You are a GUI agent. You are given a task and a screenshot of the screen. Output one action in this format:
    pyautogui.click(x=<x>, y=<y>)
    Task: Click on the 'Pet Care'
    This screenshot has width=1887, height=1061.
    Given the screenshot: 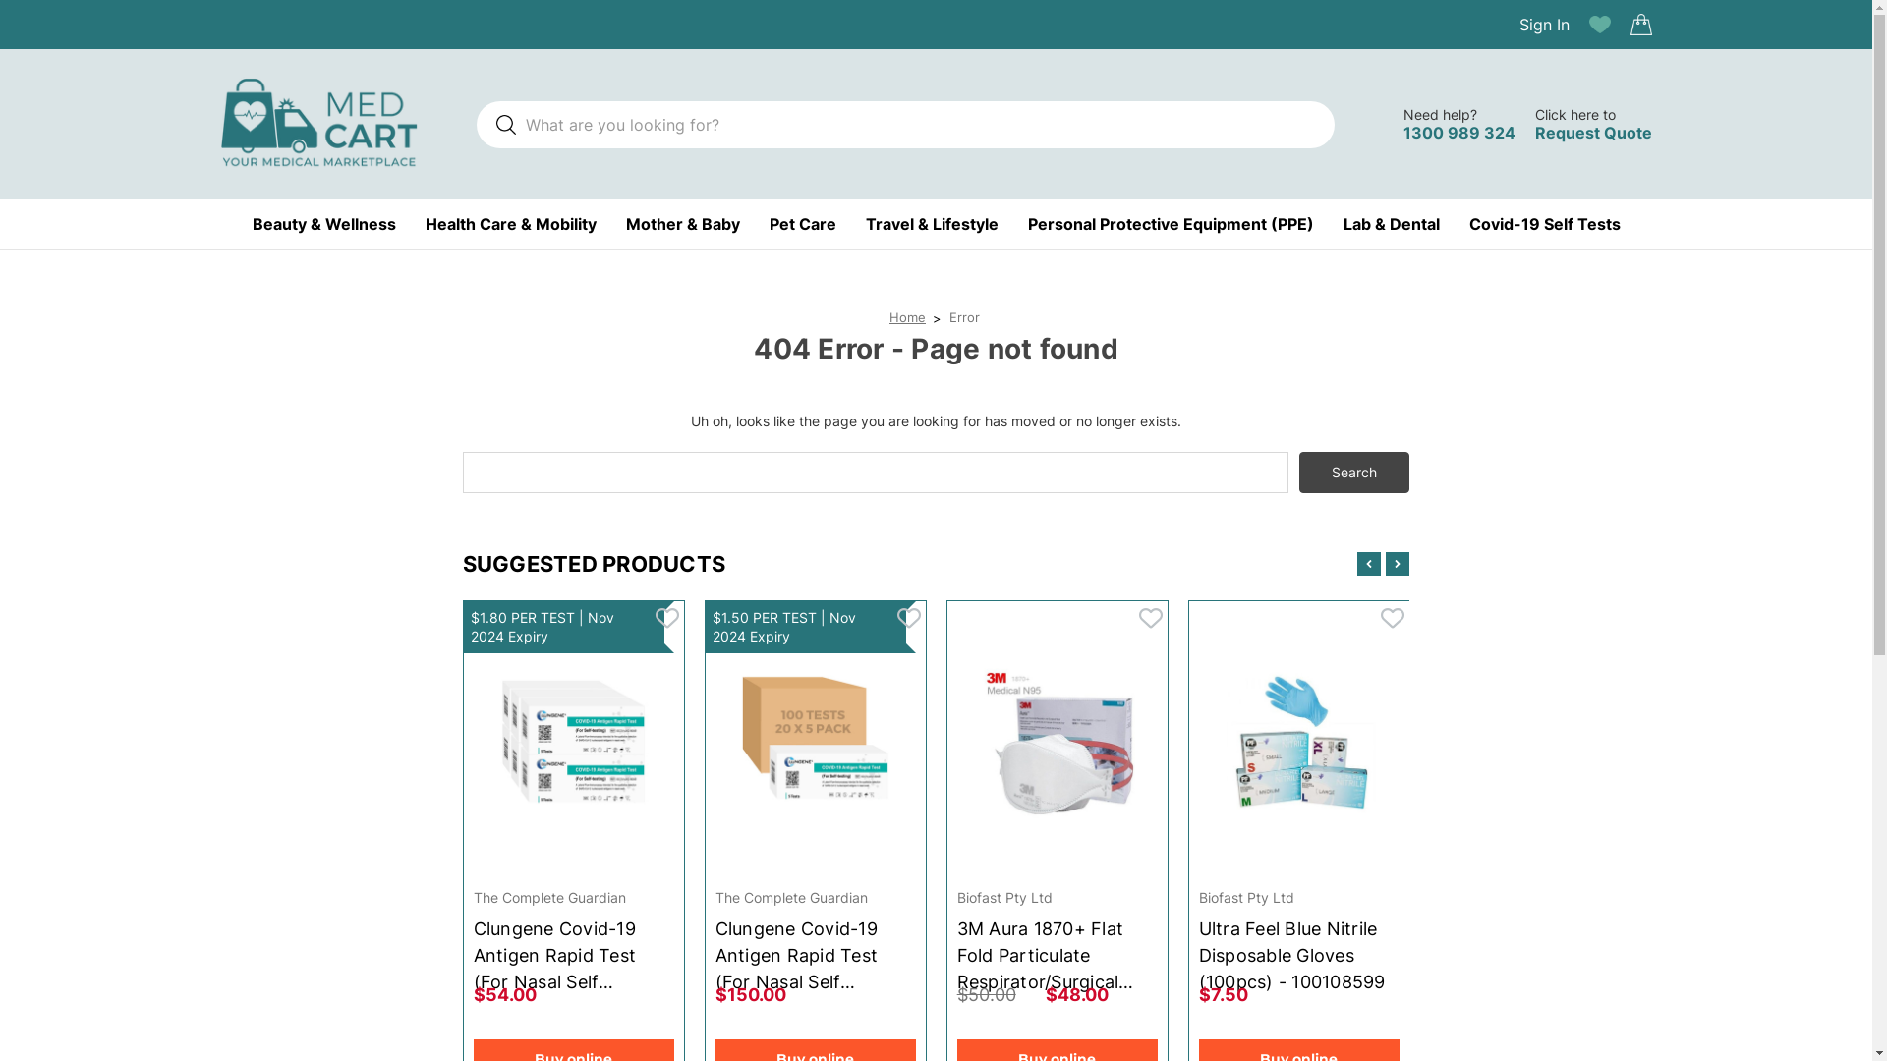 What is the action you would take?
    pyautogui.click(x=802, y=222)
    